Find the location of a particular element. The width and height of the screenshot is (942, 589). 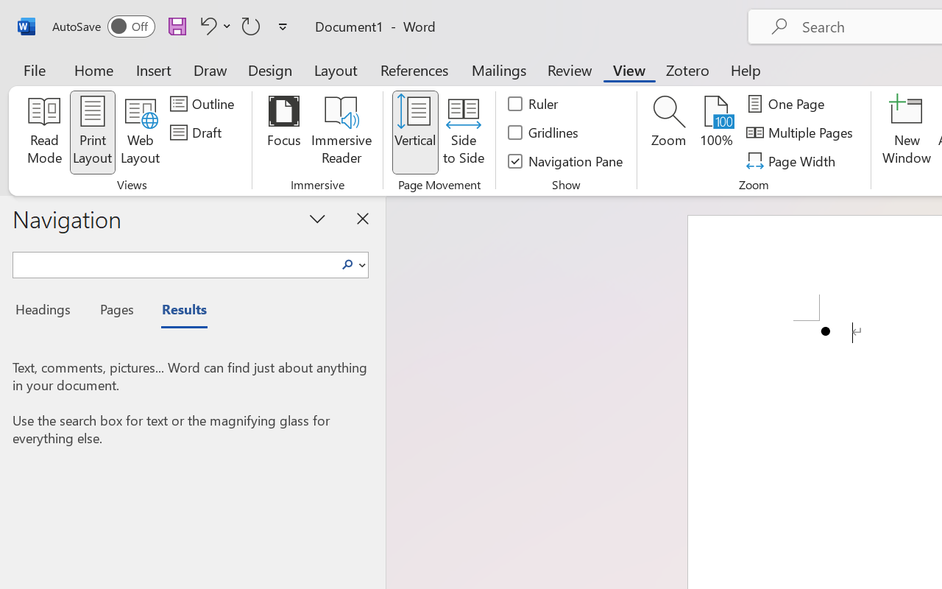

'Pages' is located at coordinates (114, 311).